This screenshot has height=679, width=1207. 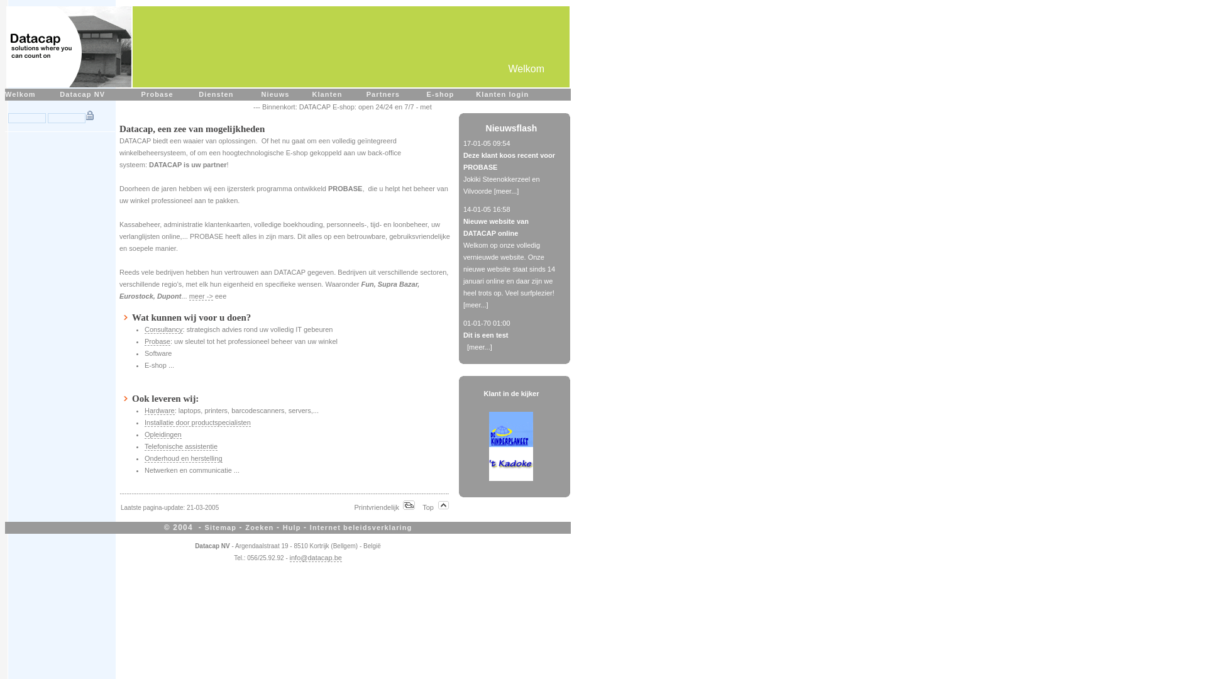 I want to click on 'Deze klant koos recent voor PROBASE', so click(x=463, y=160).